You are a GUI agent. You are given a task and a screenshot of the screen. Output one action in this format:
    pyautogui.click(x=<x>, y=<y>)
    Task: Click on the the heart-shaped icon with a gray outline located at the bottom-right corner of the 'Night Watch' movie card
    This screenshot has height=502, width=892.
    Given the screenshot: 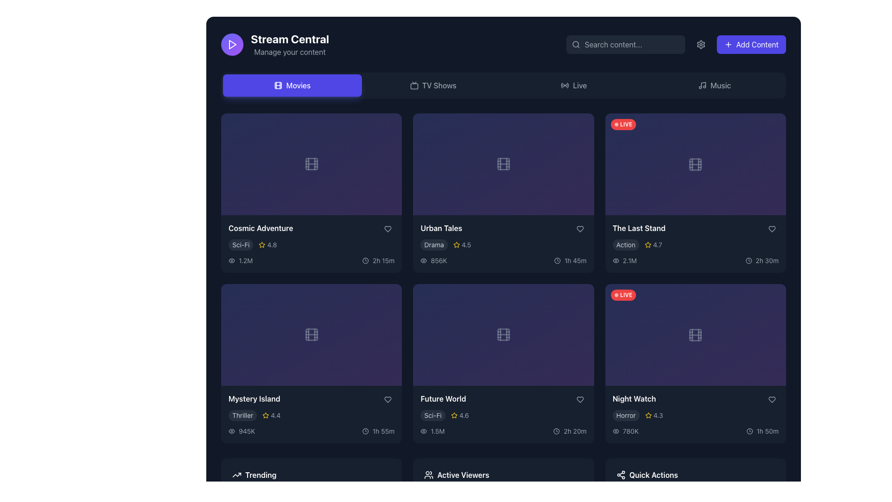 What is the action you would take?
    pyautogui.click(x=772, y=399)
    